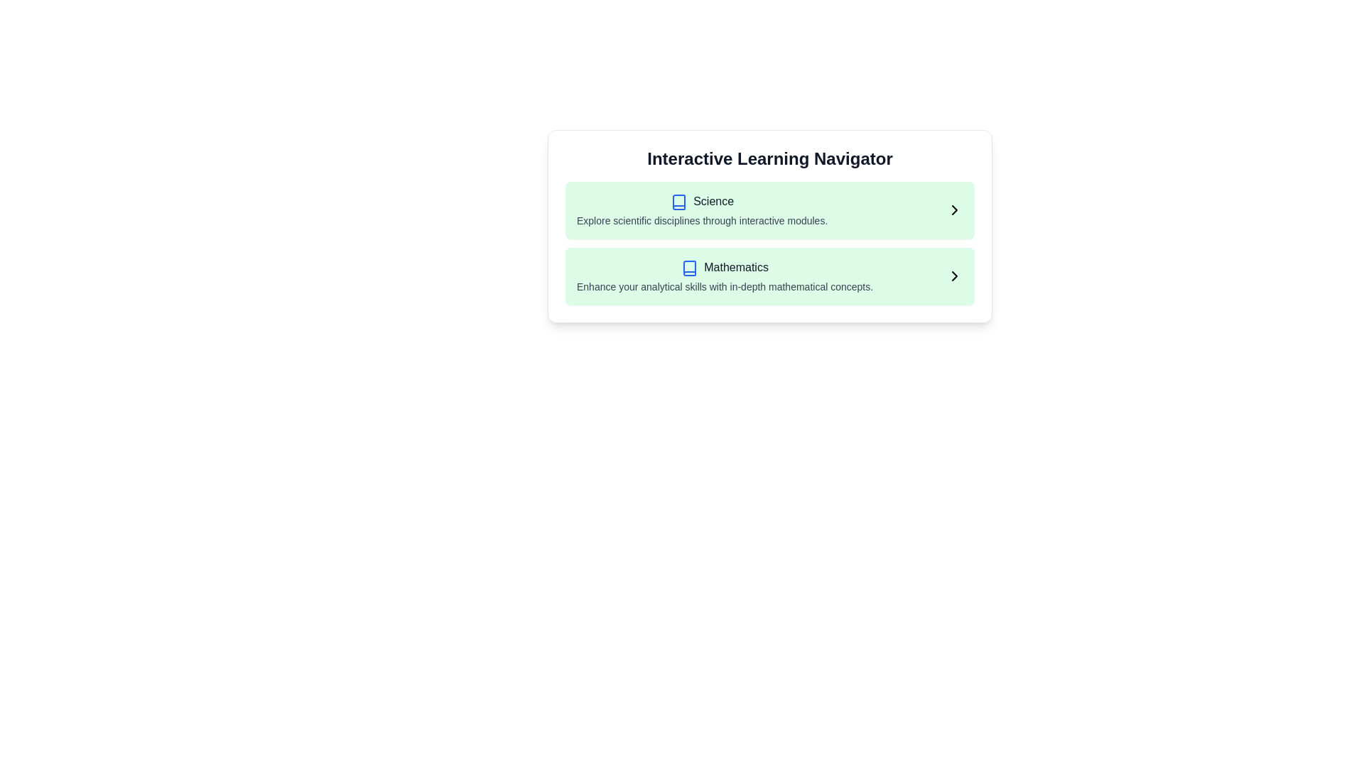  Describe the element at coordinates (955, 276) in the screenshot. I see `the right-facing chevron icon for navigation located next to the 'Mathematics' option in the Interactive Learning Navigator` at that location.